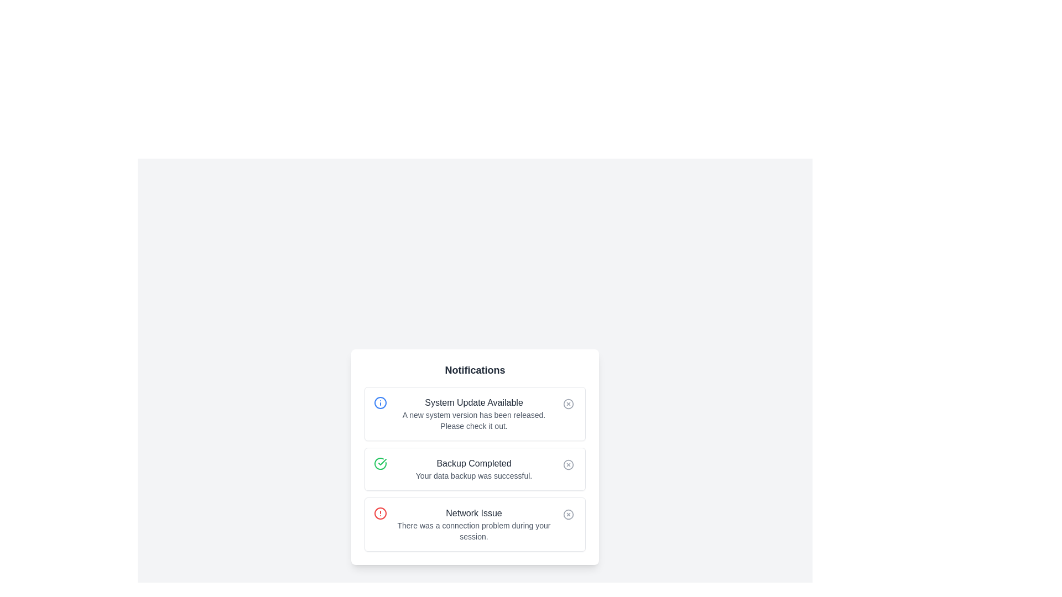 This screenshot has height=597, width=1062. What do you see at coordinates (474, 475) in the screenshot?
I see `the text label that reads 'Your data backup was successful.' located below the title 'Backup Completed' in the notification card` at bounding box center [474, 475].